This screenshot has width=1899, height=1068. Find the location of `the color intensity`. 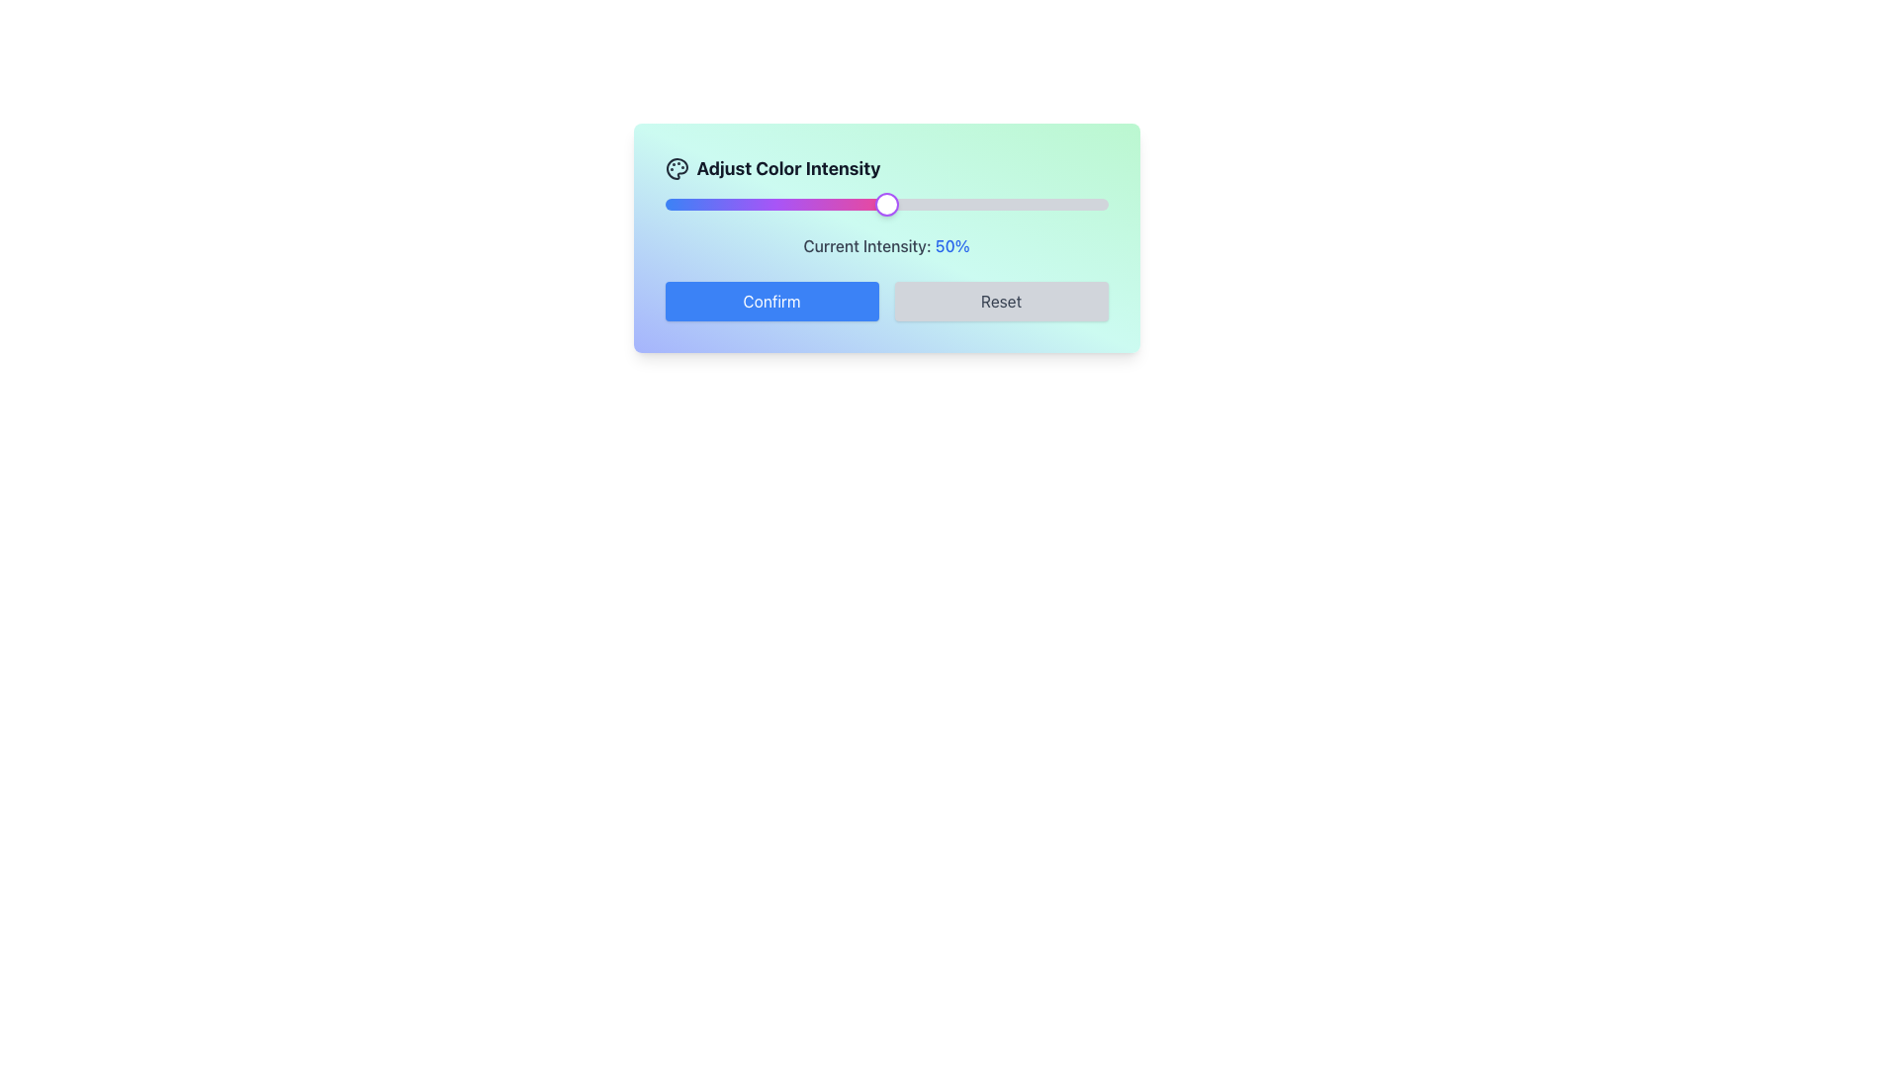

the color intensity is located at coordinates (811, 205).